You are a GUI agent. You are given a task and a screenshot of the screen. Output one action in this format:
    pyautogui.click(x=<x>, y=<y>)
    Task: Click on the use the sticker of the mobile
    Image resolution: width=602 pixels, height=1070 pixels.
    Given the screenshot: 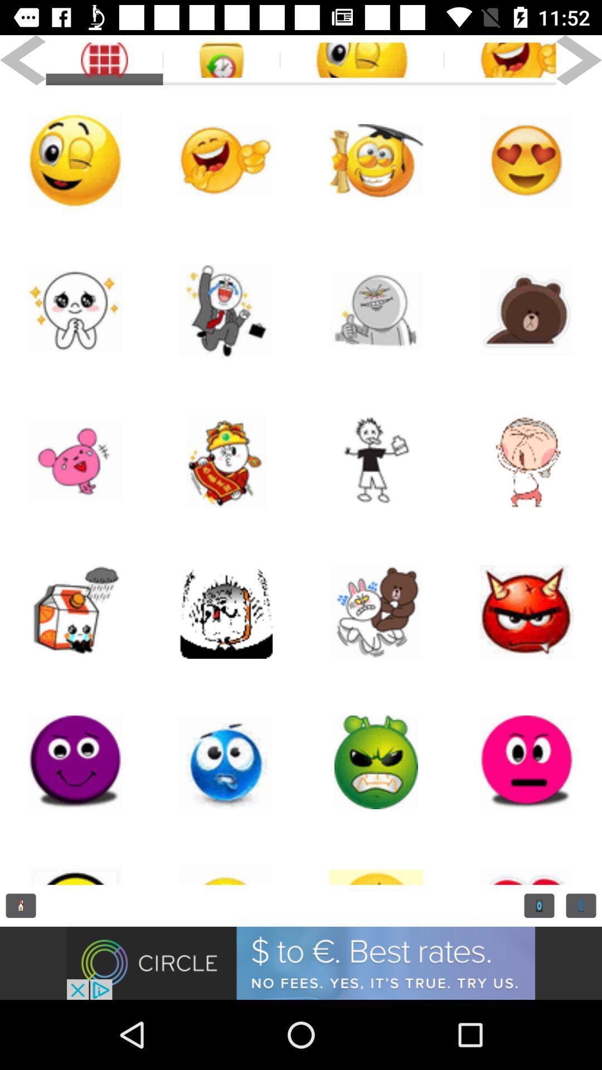 What is the action you would take?
    pyautogui.click(x=75, y=611)
    